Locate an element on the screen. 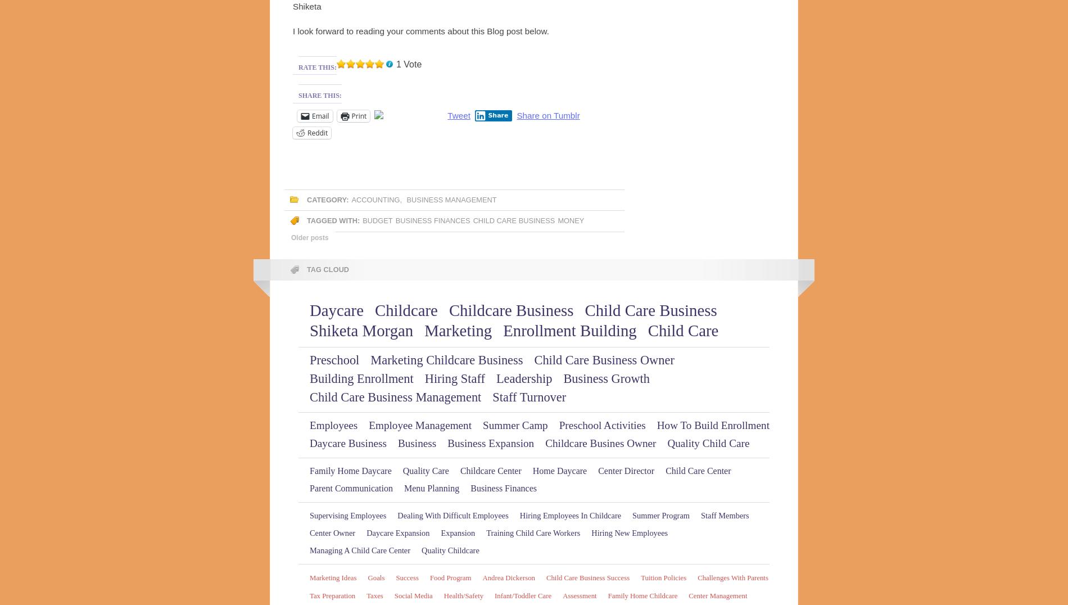 This screenshot has height=605, width=1068. 'Preschool' is located at coordinates (334, 359).